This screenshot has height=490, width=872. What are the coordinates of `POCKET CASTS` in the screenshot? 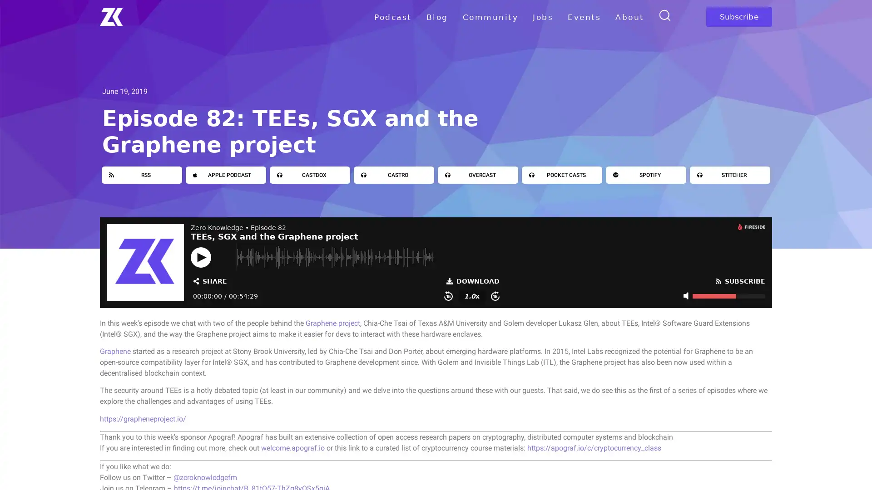 It's located at (561, 175).